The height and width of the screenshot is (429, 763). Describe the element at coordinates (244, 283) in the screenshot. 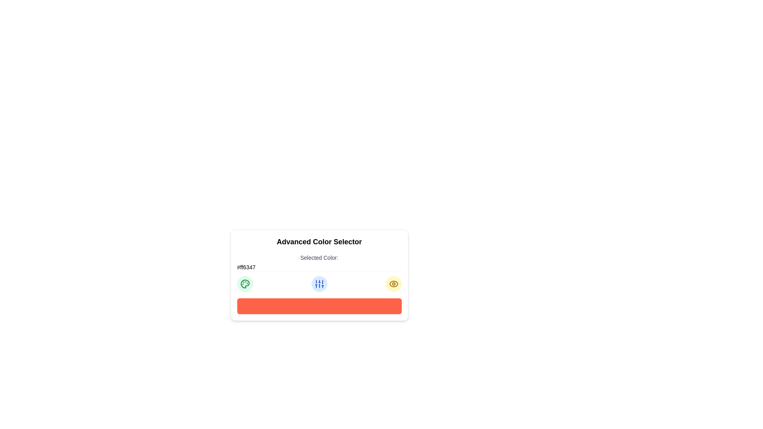

I see `the first button under 'Selected Color:'` at that location.